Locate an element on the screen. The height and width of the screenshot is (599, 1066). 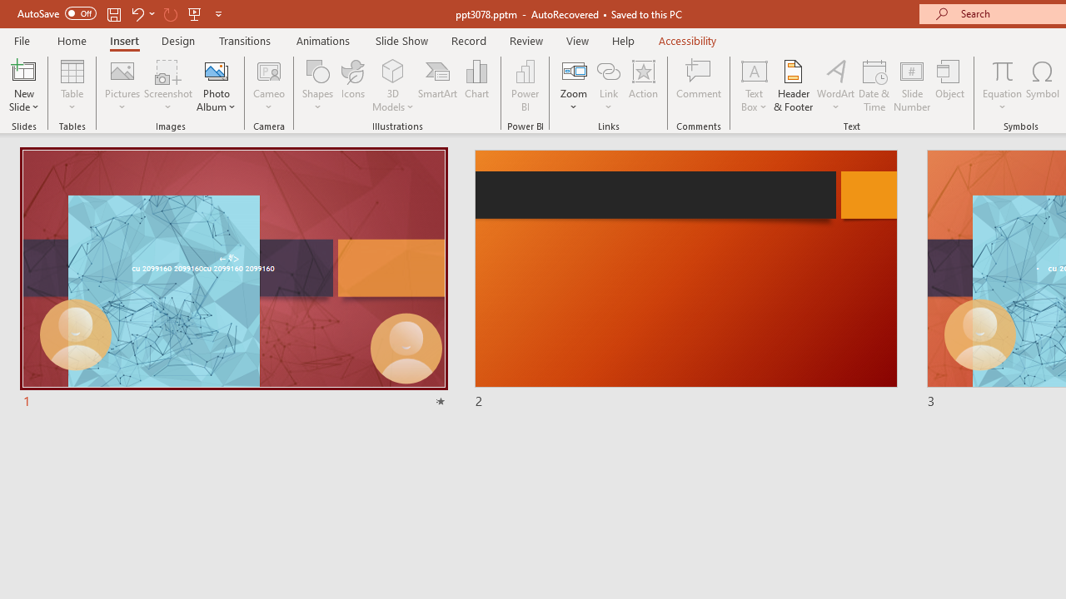
'WordArt' is located at coordinates (836, 86).